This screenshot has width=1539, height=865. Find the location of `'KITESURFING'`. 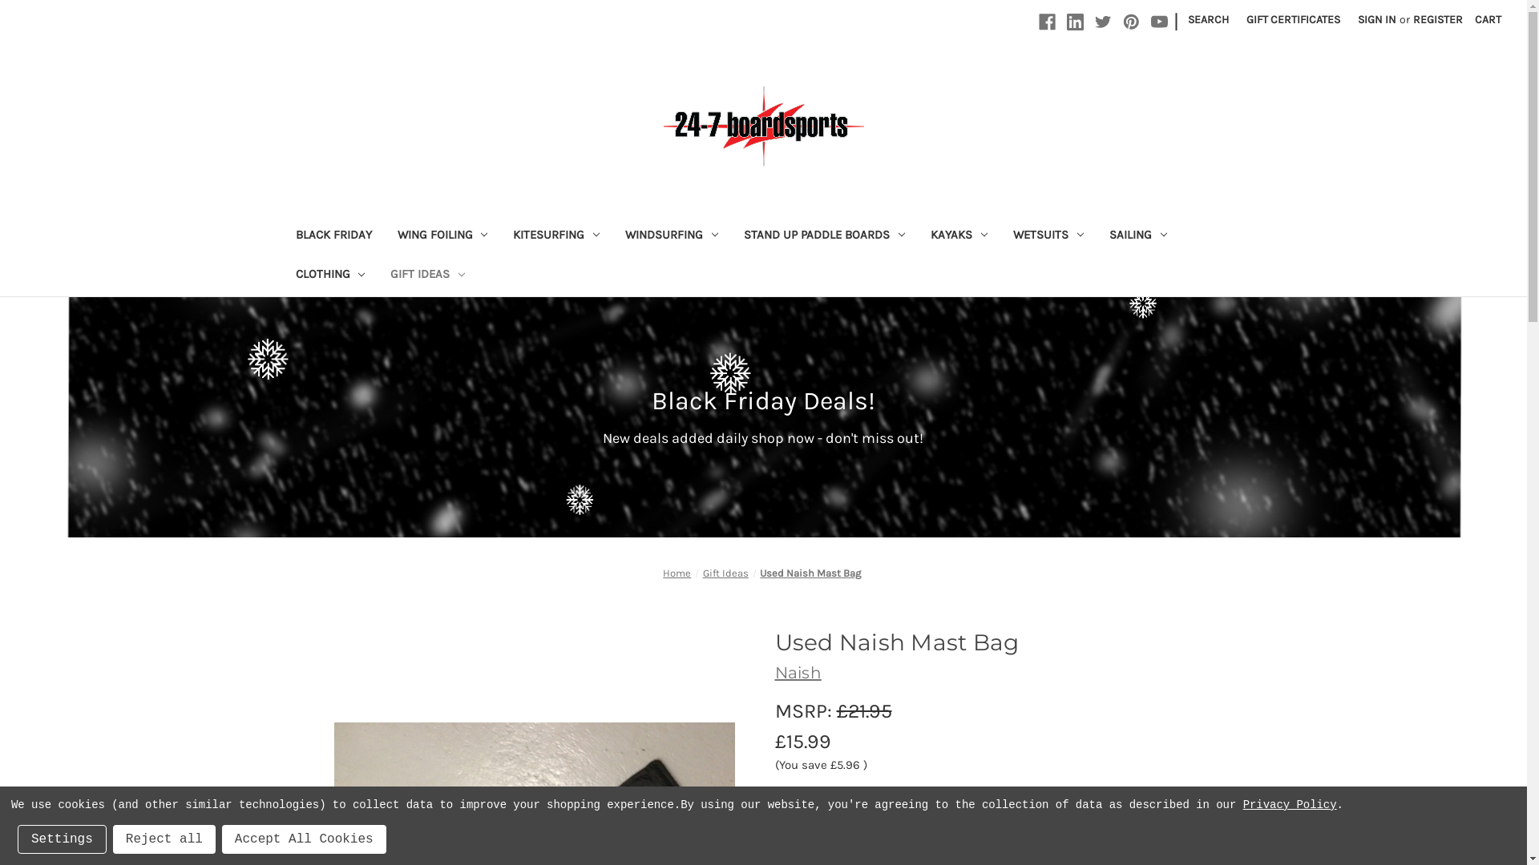

'KITESURFING' is located at coordinates (499, 236).